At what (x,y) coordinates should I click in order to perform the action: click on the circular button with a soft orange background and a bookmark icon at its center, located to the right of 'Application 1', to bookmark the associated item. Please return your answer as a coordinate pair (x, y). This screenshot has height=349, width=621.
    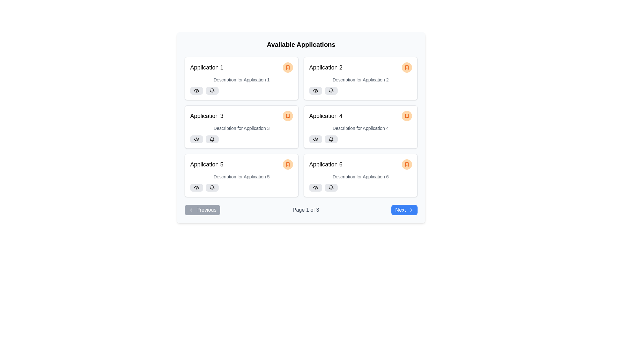
    Looking at the image, I should click on (287, 67).